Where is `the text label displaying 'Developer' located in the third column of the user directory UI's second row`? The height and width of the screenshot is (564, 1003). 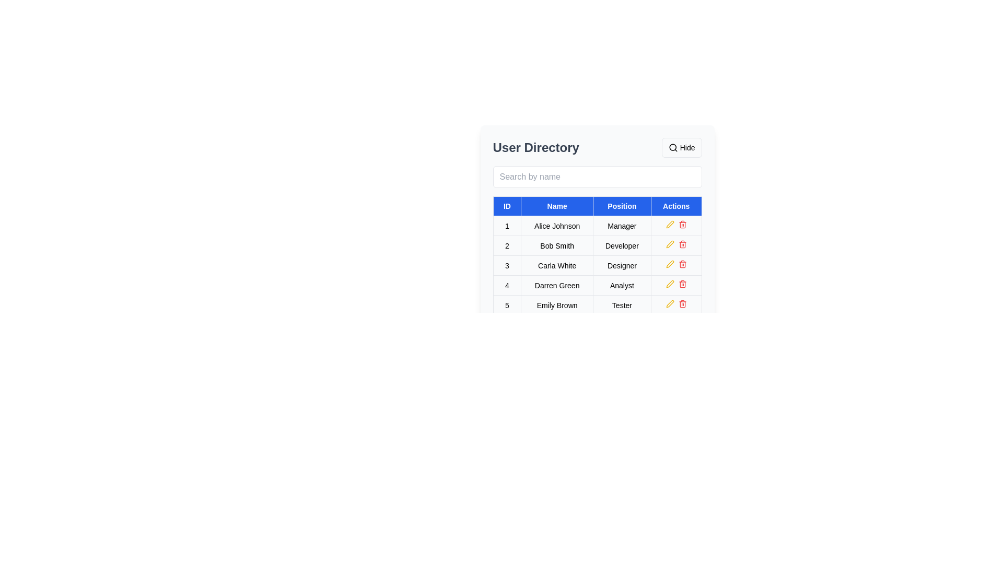 the text label displaying 'Developer' located in the third column of the user directory UI's second row is located at coordinates (622, 245).